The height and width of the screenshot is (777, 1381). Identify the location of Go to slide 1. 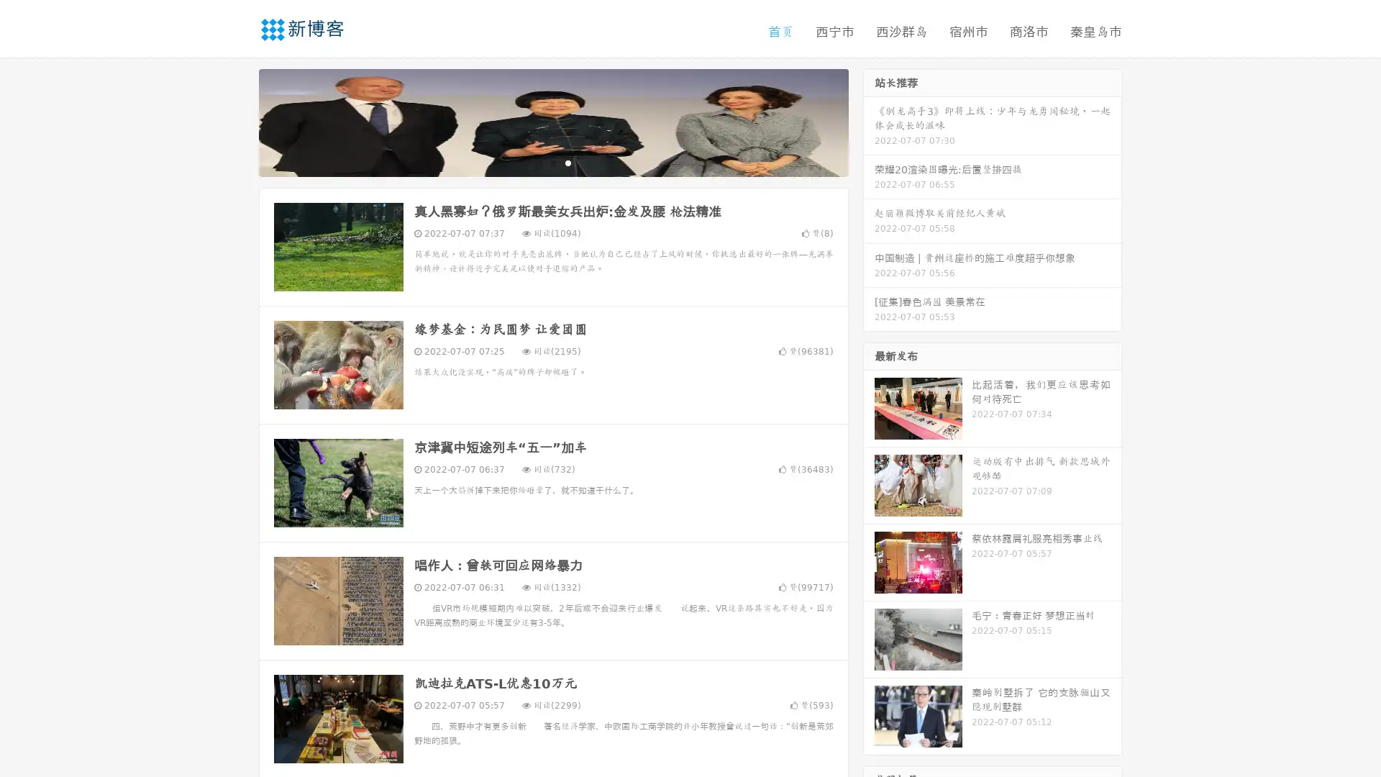
(538, 162).